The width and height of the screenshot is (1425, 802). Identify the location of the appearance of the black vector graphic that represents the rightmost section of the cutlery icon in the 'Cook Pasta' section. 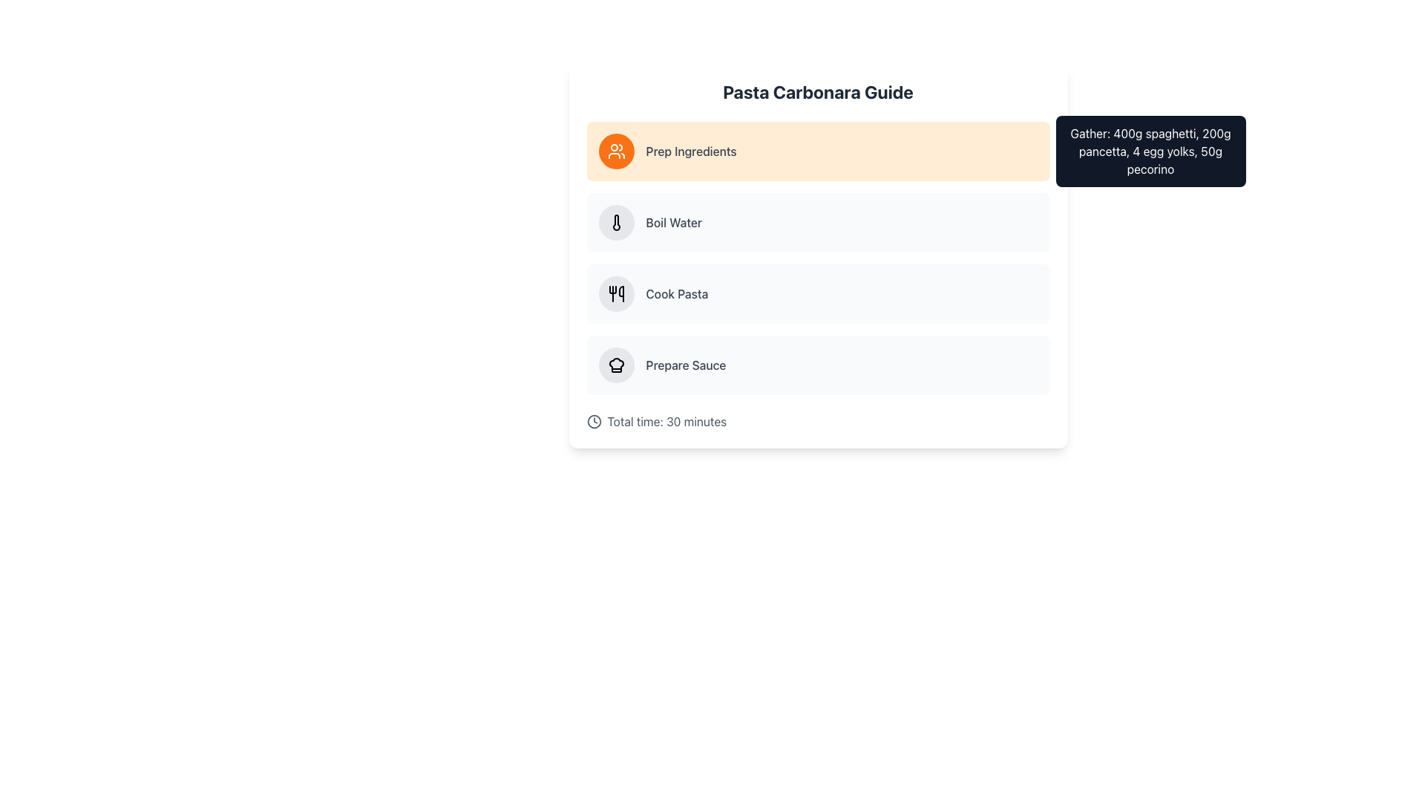
(620, 294).